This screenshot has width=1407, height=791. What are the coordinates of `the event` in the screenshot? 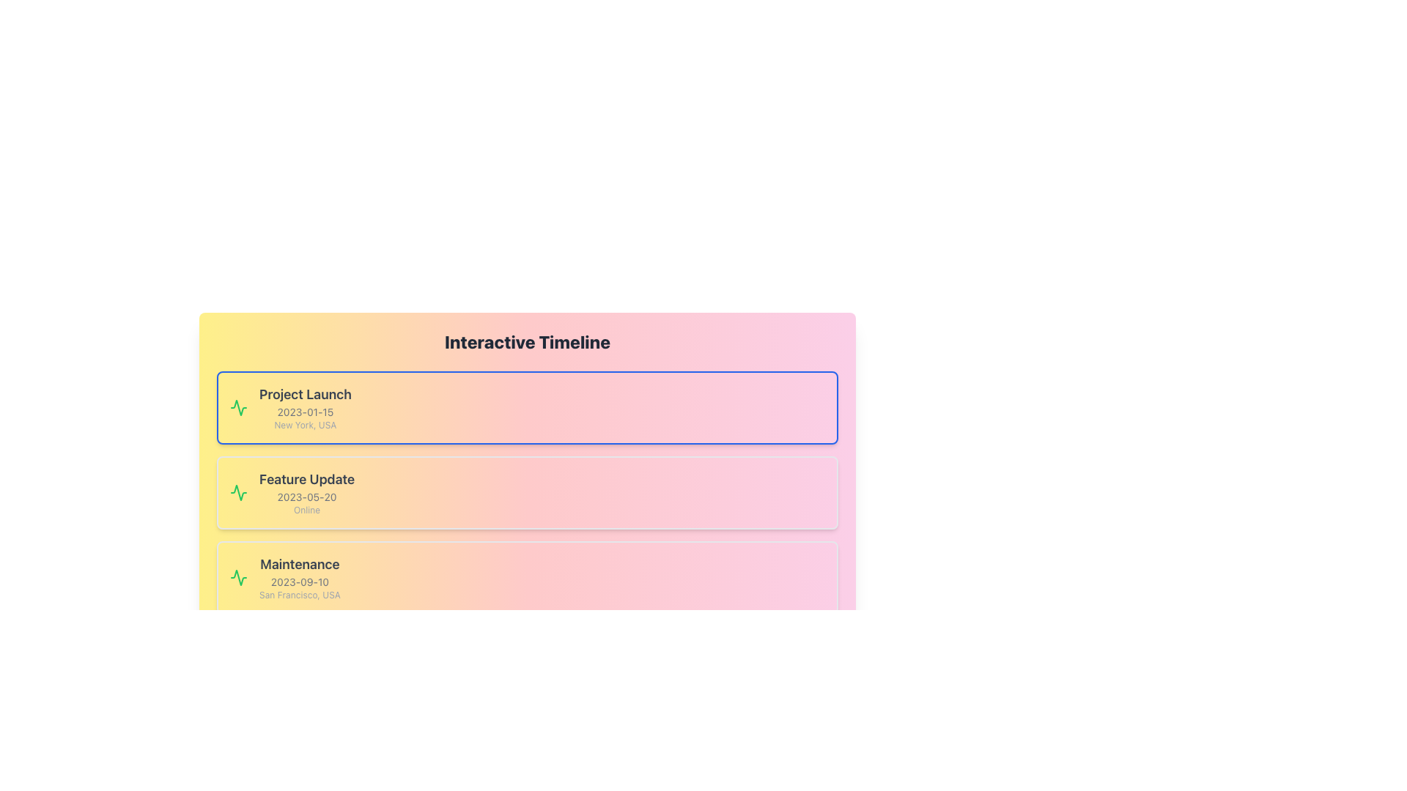 It's located at (299, 564).